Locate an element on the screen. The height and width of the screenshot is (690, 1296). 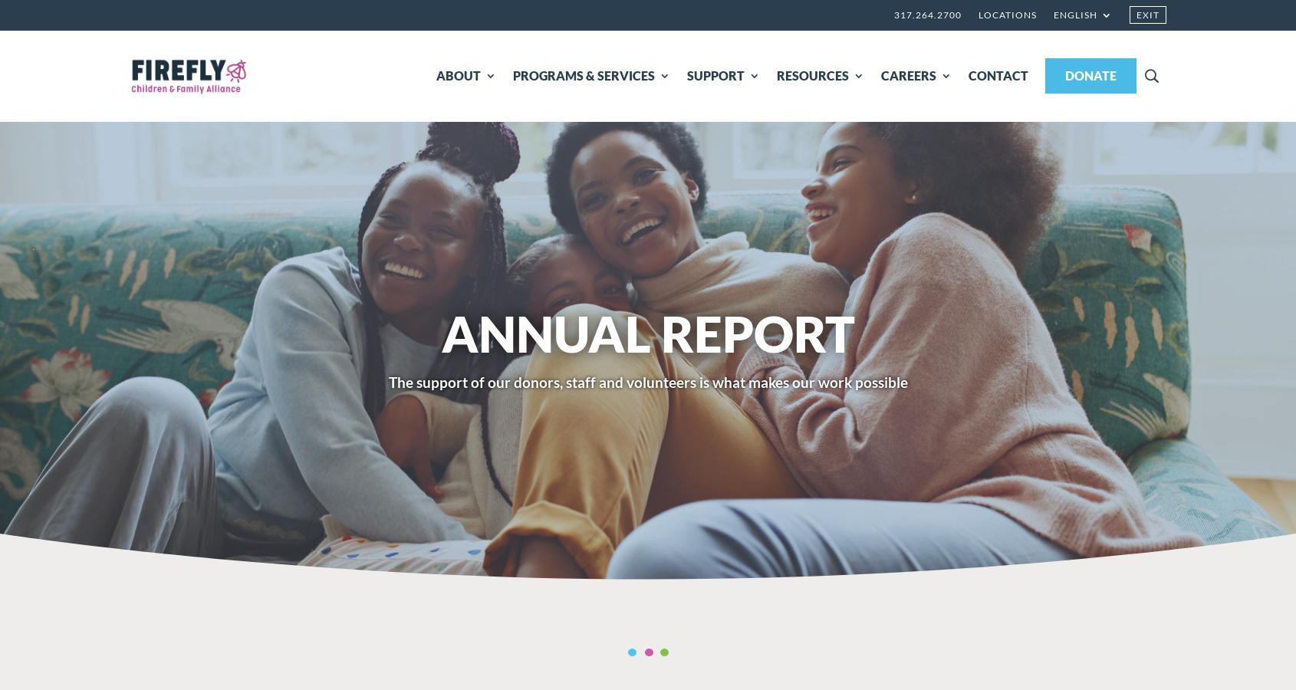
'Anger Management' is located at coordinates (1035, 302).